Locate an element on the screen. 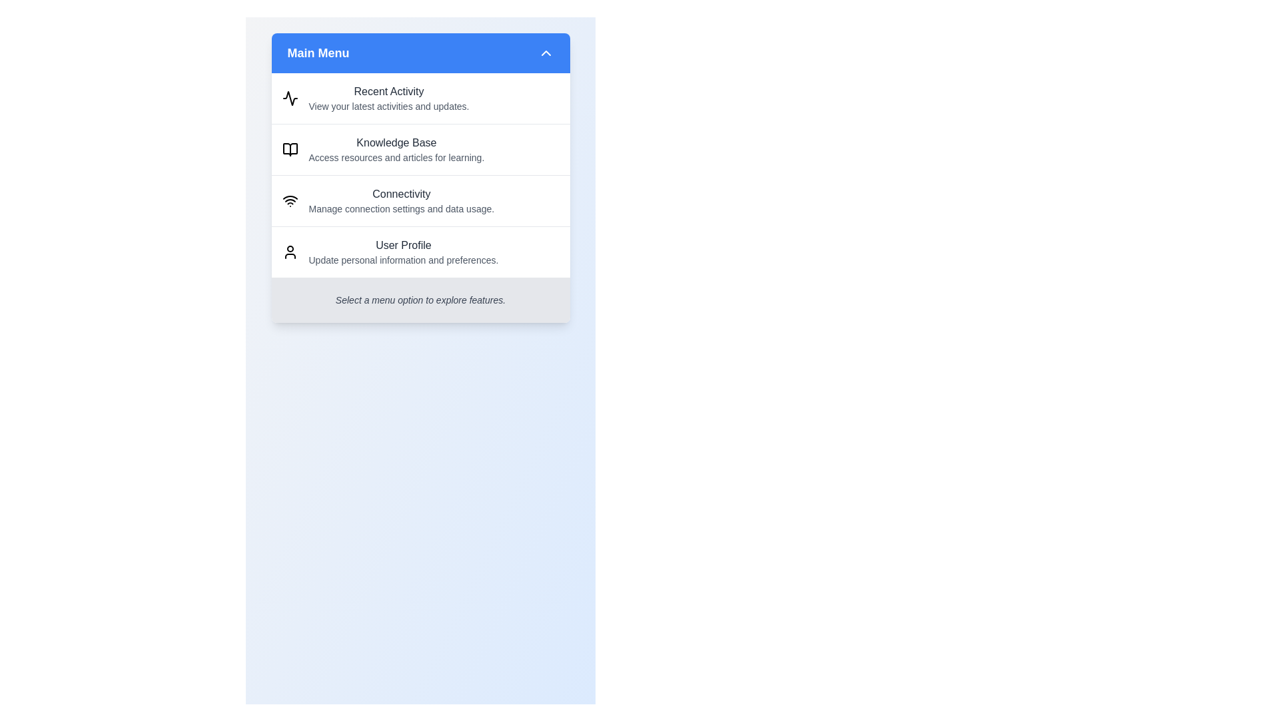 This screenshot has width=1279, height=719. the menu item Connectivity by clicking on it is located at coordinates (420, 200).